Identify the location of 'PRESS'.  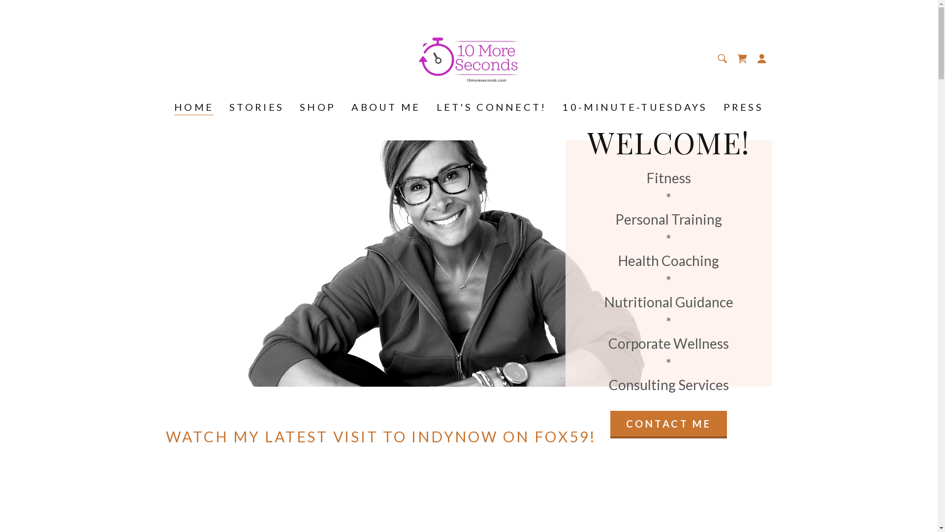
(743, 106).